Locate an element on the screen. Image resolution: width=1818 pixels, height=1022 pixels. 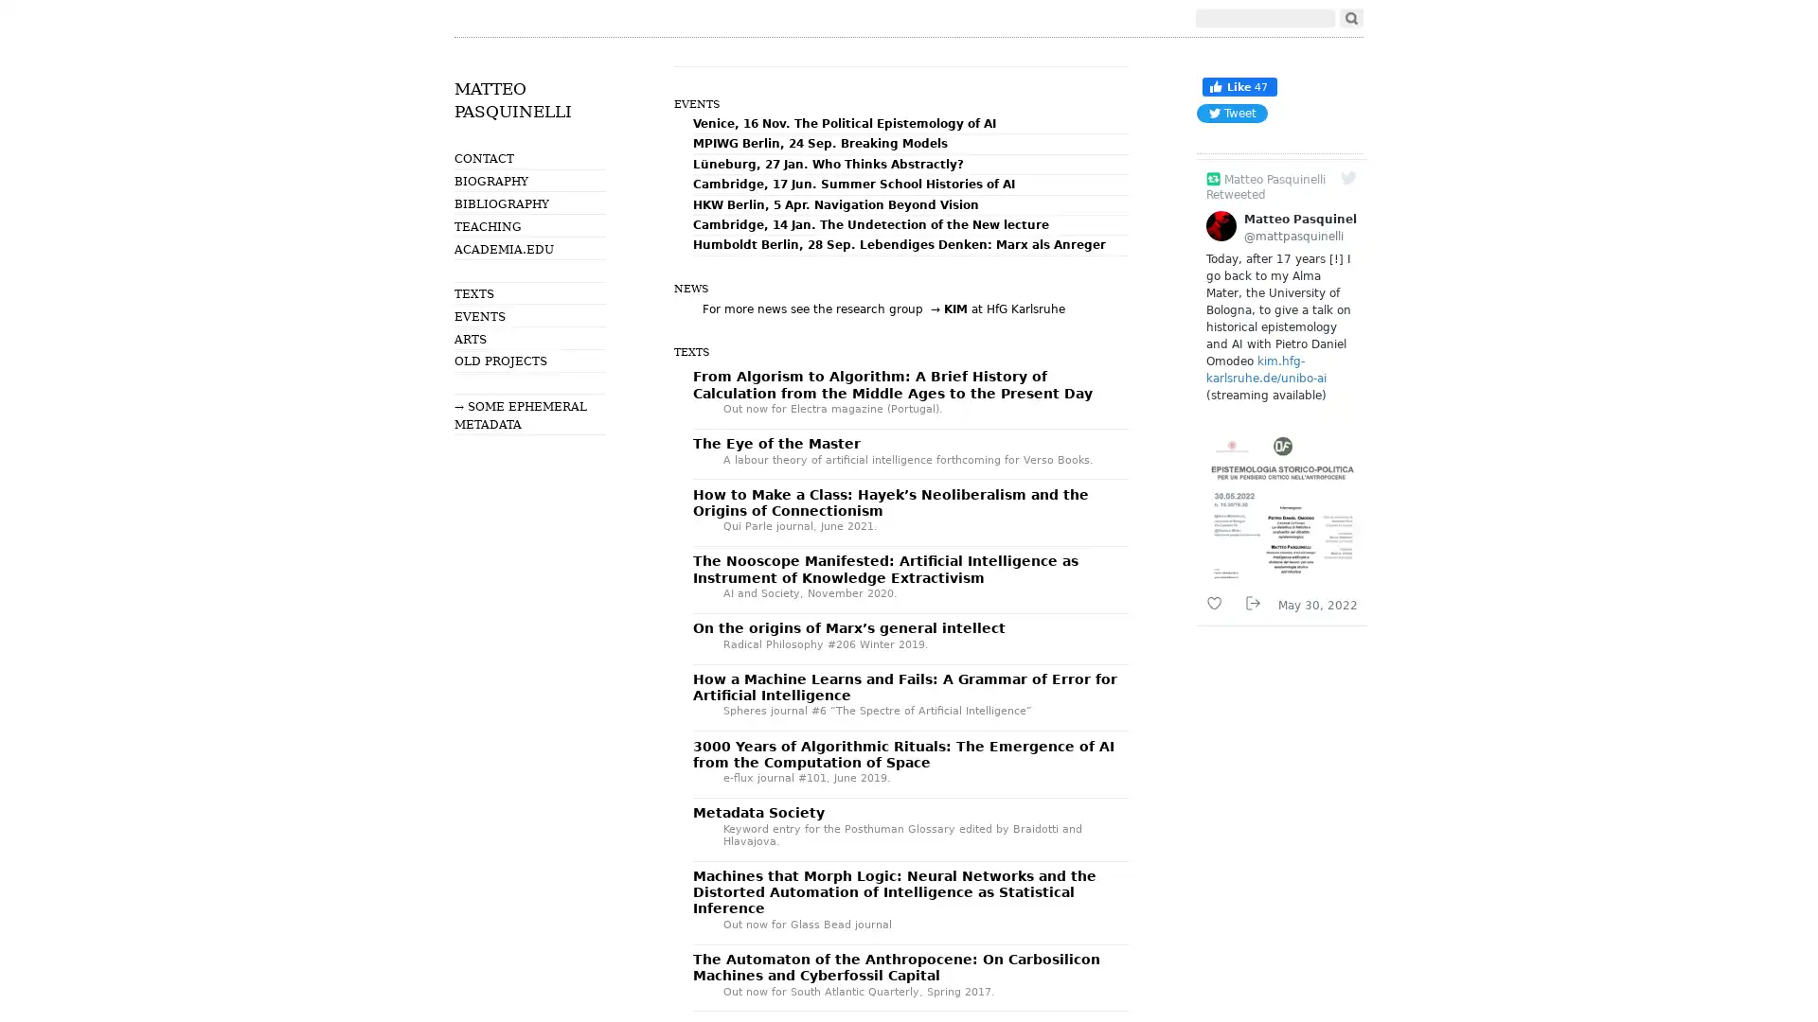
Go is located at coordinates (1350, 18).